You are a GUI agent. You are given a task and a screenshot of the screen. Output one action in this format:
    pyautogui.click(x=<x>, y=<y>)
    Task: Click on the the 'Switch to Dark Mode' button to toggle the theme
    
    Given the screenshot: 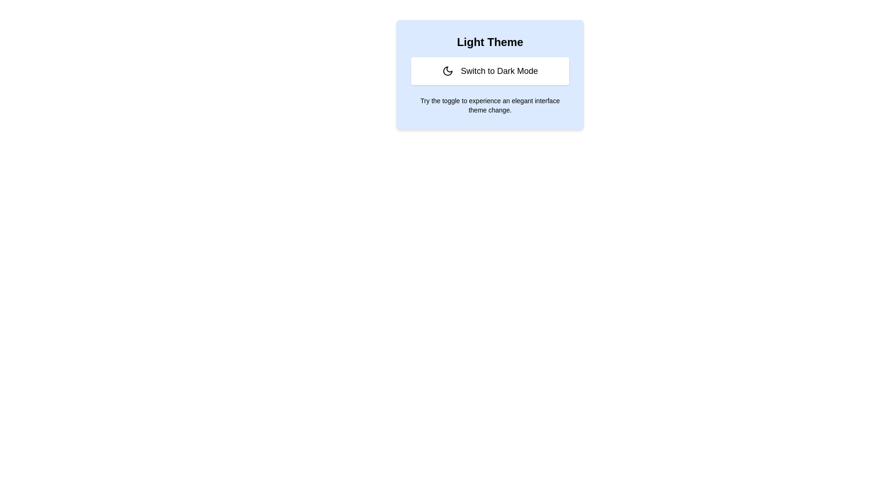 What is the action you would take?
    pyautogui.click(x=490, y=71)
    